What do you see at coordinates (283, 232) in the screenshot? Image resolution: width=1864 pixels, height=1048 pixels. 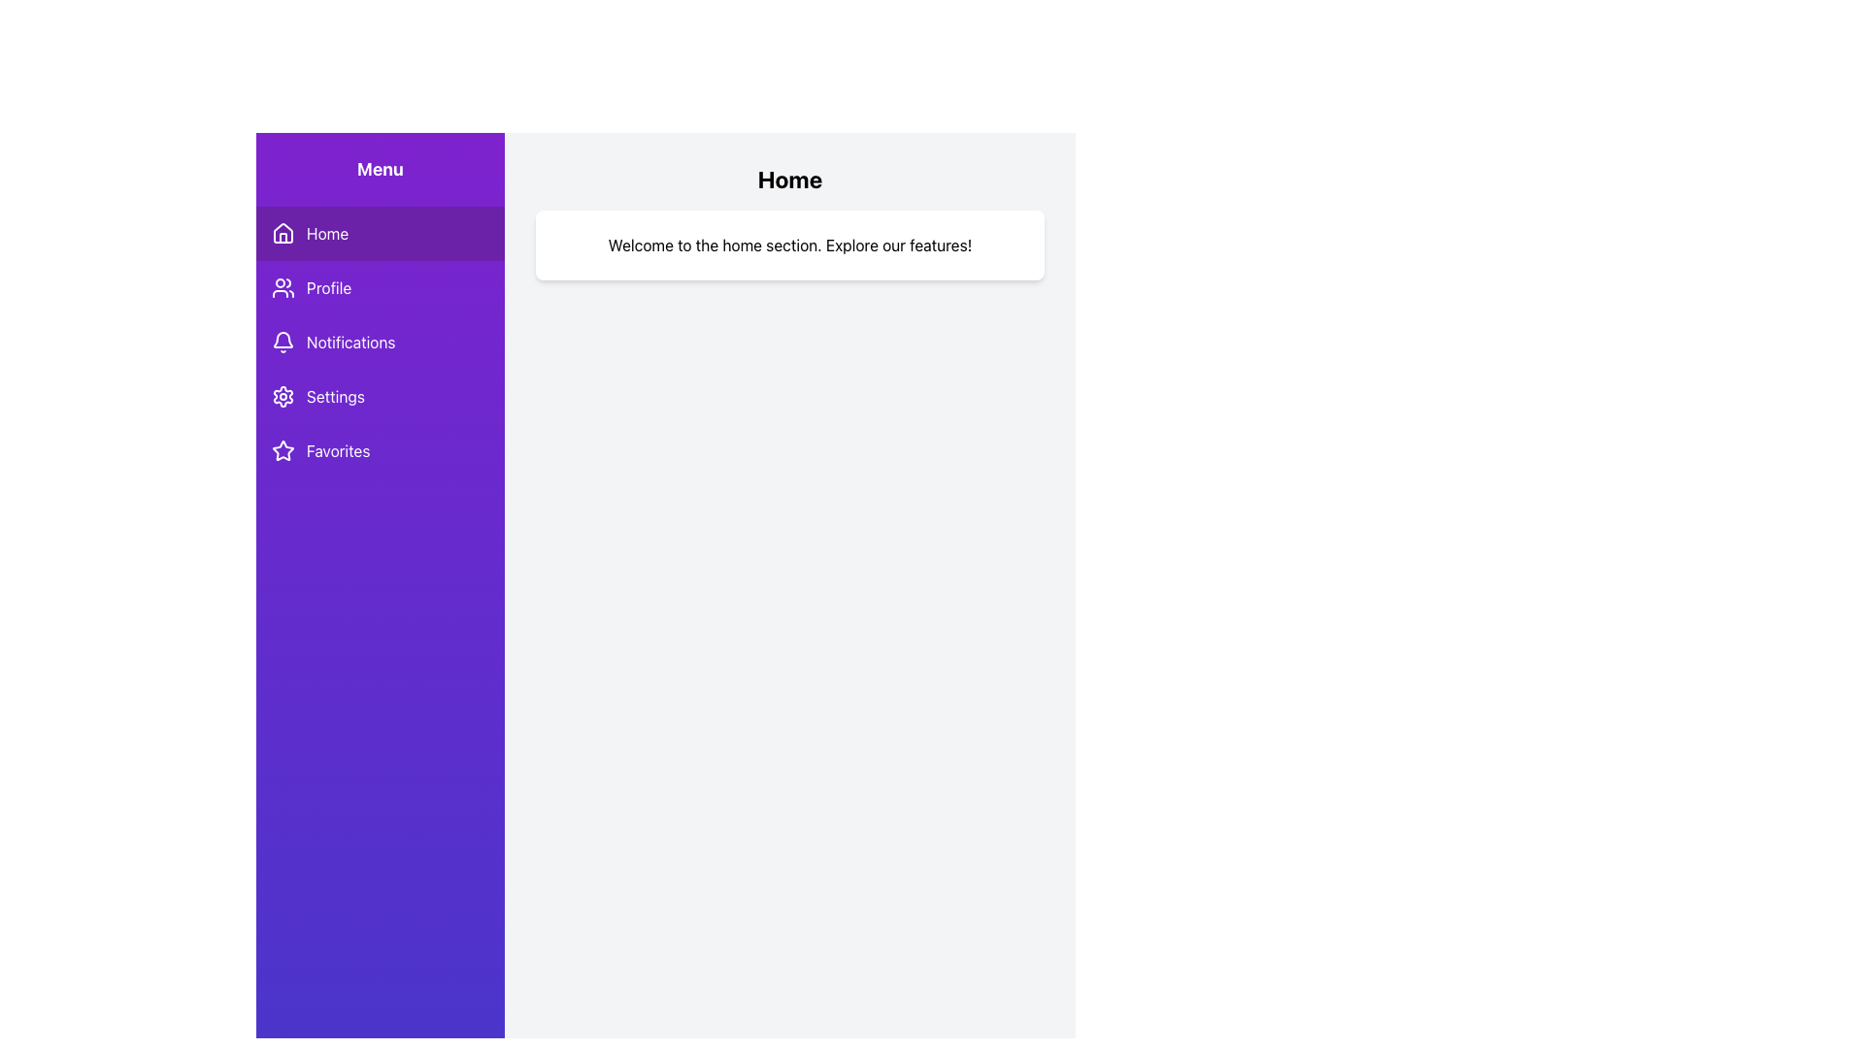 I see `the house-shaped icon with a white outline located inside the 'Home' button at the top of the vertical navigation menu` at bounding box center [283, 232].